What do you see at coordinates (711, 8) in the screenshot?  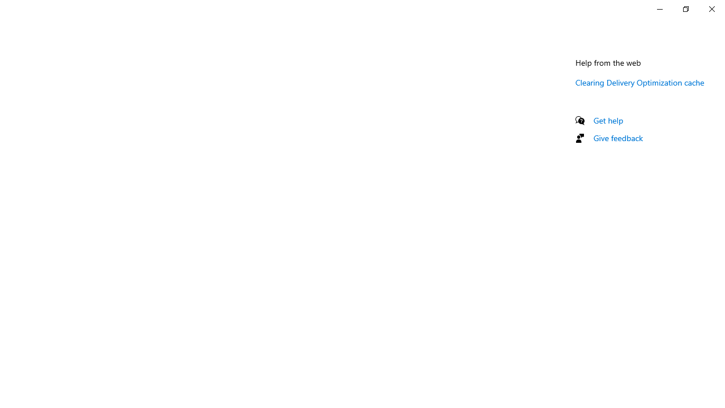 I see `'Close Settings'` at bounding box center [711, 8].